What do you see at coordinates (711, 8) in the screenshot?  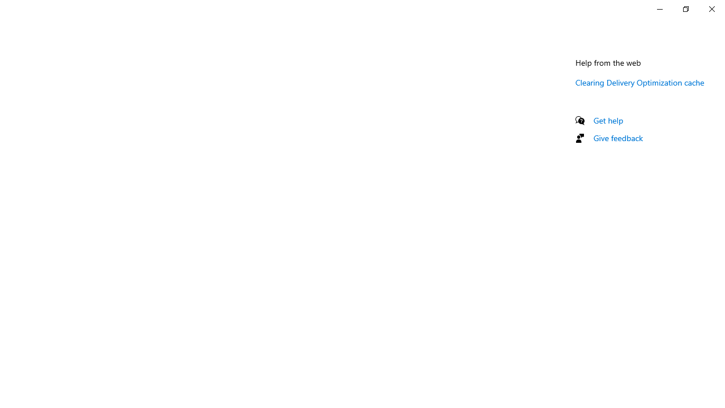 I see `'Close Settings'` at bounding box center [711, 8].